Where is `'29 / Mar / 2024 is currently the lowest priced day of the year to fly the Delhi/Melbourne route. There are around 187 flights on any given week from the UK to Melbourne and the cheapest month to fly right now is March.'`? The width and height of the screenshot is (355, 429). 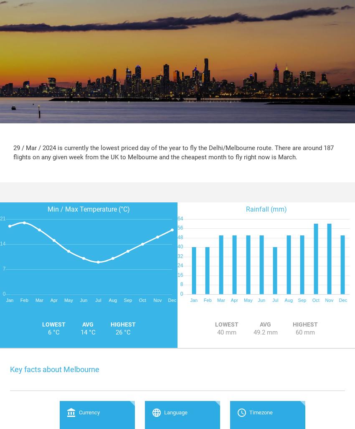
'29 / Mar / 2024 is currently the lowest priced day of the year to fly the Delhi/Melbourne route. There are around 187 flights on any given week from the UK to Melbourne and the cheapest month to fly right now is March.' is located at coordinates (13, 152).